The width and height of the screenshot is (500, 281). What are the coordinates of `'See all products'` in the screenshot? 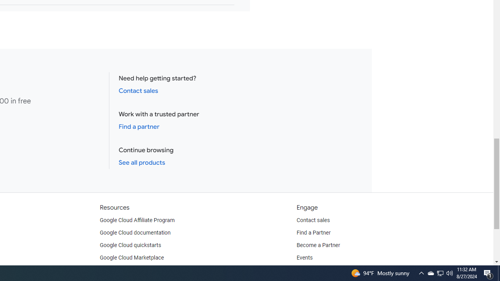 It's located at (141, 162).